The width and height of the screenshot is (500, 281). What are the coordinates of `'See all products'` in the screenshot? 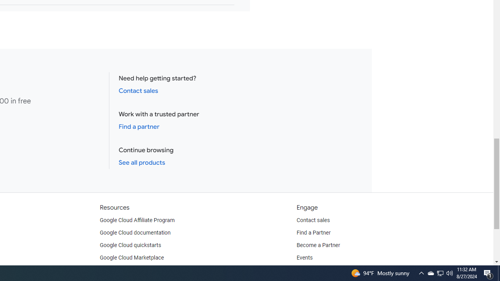 It's located at (141, 162).